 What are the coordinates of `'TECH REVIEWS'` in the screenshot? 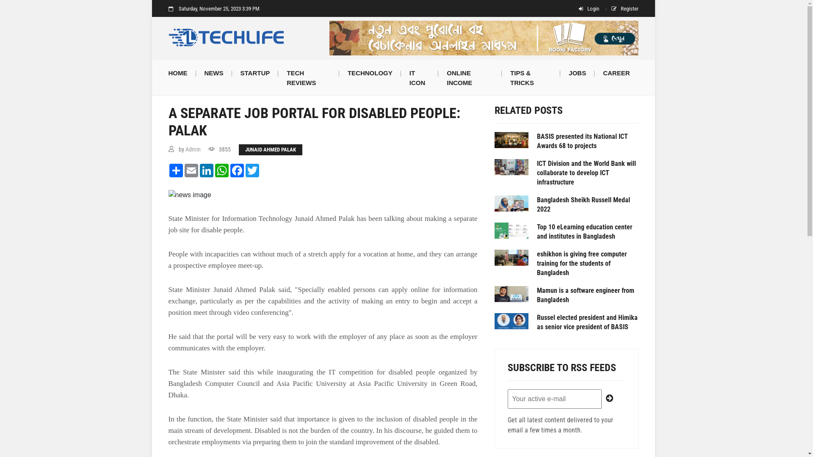 It's located at (308, 77).